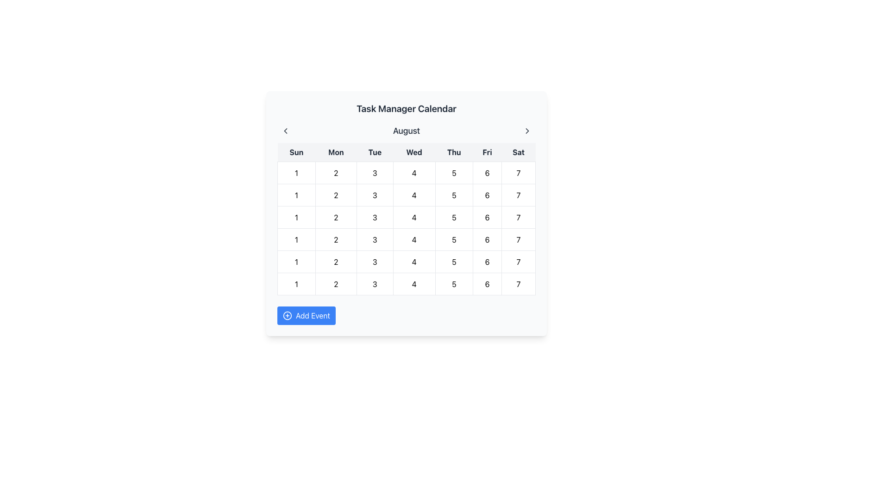 The image size is (889, 500). What do you see at coordinates (407, 131) in the screenshot?
I see `the text label displaying the current month ('August') at the top of the calendar component` at bounding box center [407, 131].